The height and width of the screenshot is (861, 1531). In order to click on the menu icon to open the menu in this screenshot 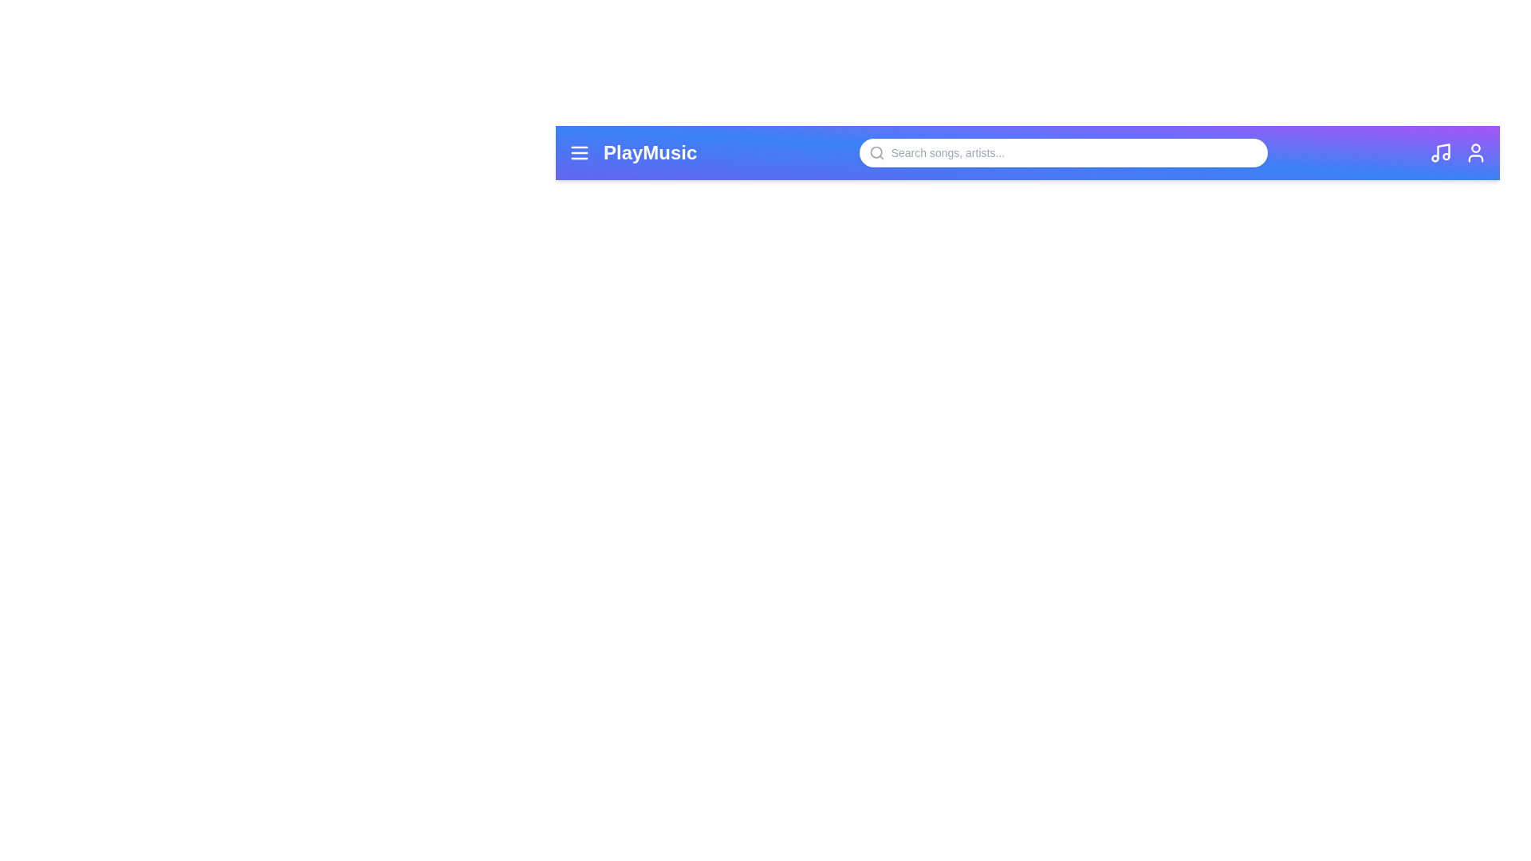, I will do `click(578, 153)`.